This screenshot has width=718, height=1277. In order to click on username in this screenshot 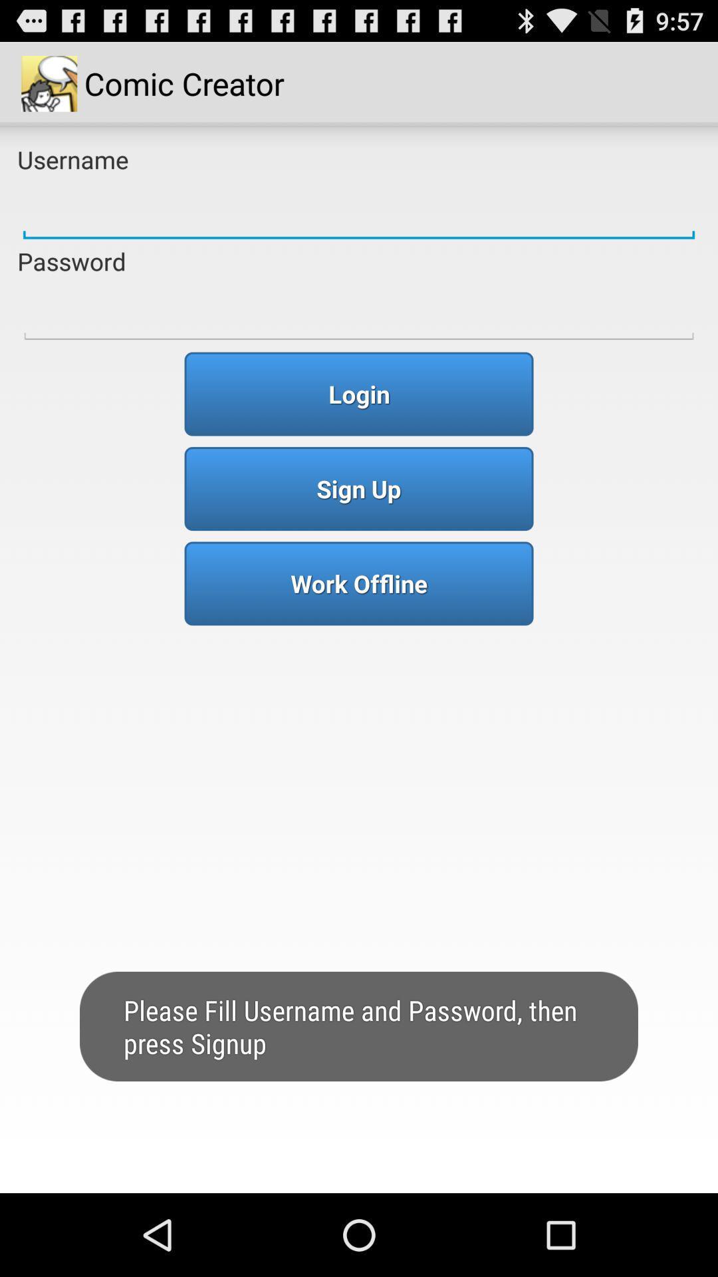, I will do `click(359, 210)`.